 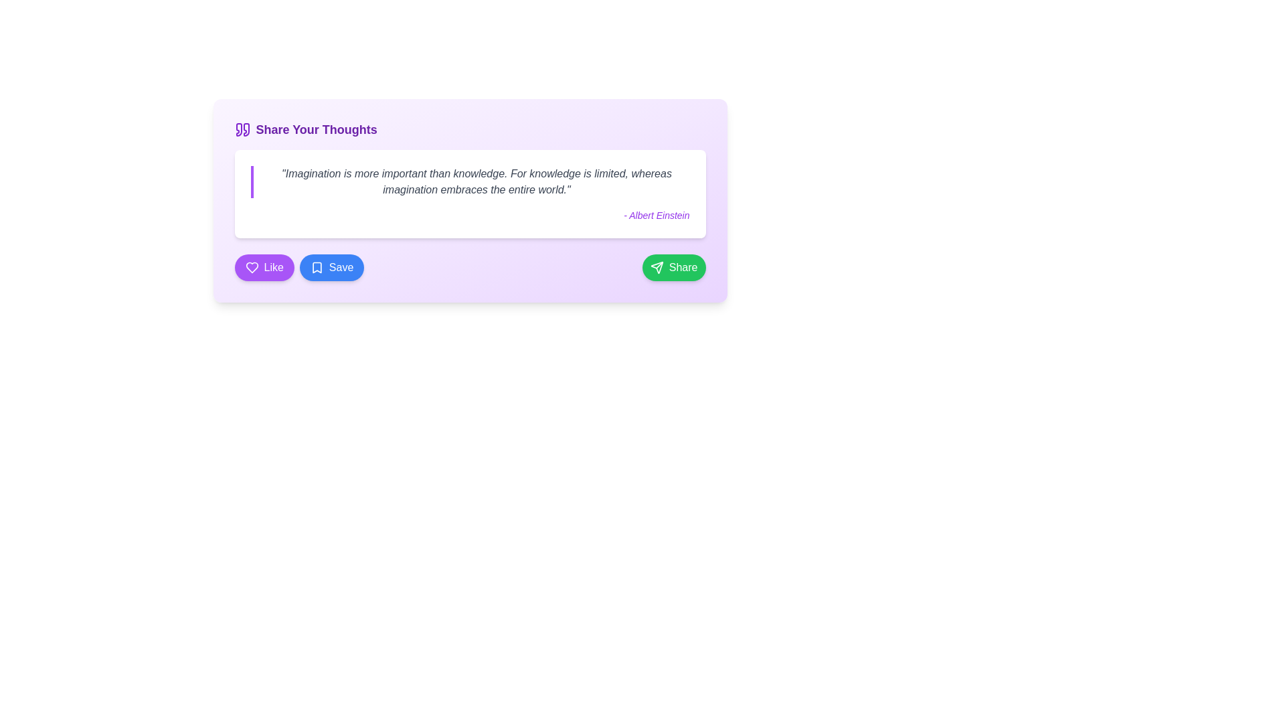 I want to click on the 'Share' button located in the bottom-right corner of the green circular button, which contains a triangular icon representing the 'Share' action to share content, so click(x=657, y=268).